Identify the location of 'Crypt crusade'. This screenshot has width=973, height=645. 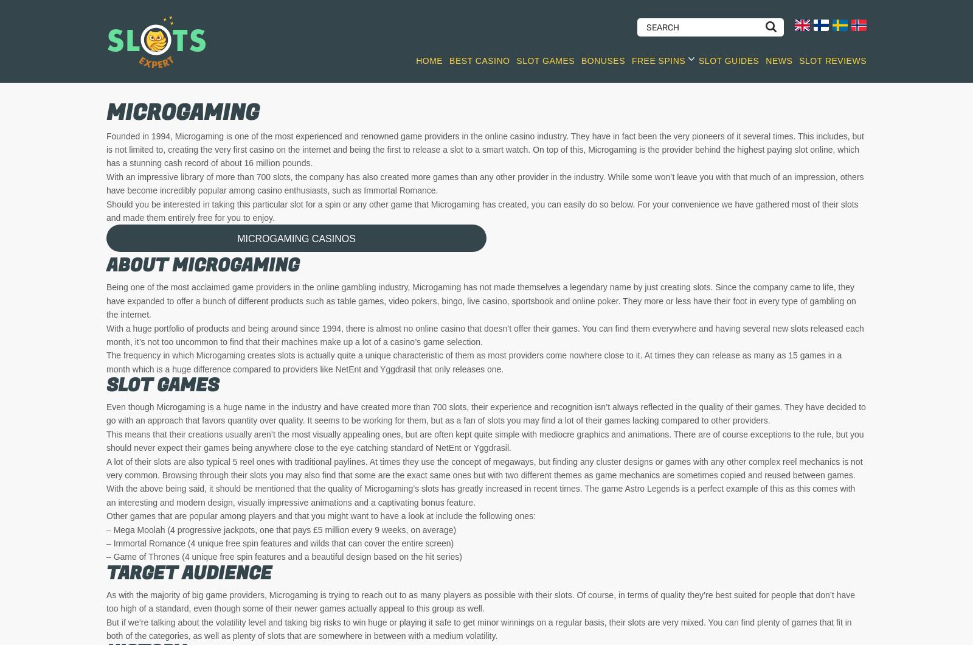
(802, 573).